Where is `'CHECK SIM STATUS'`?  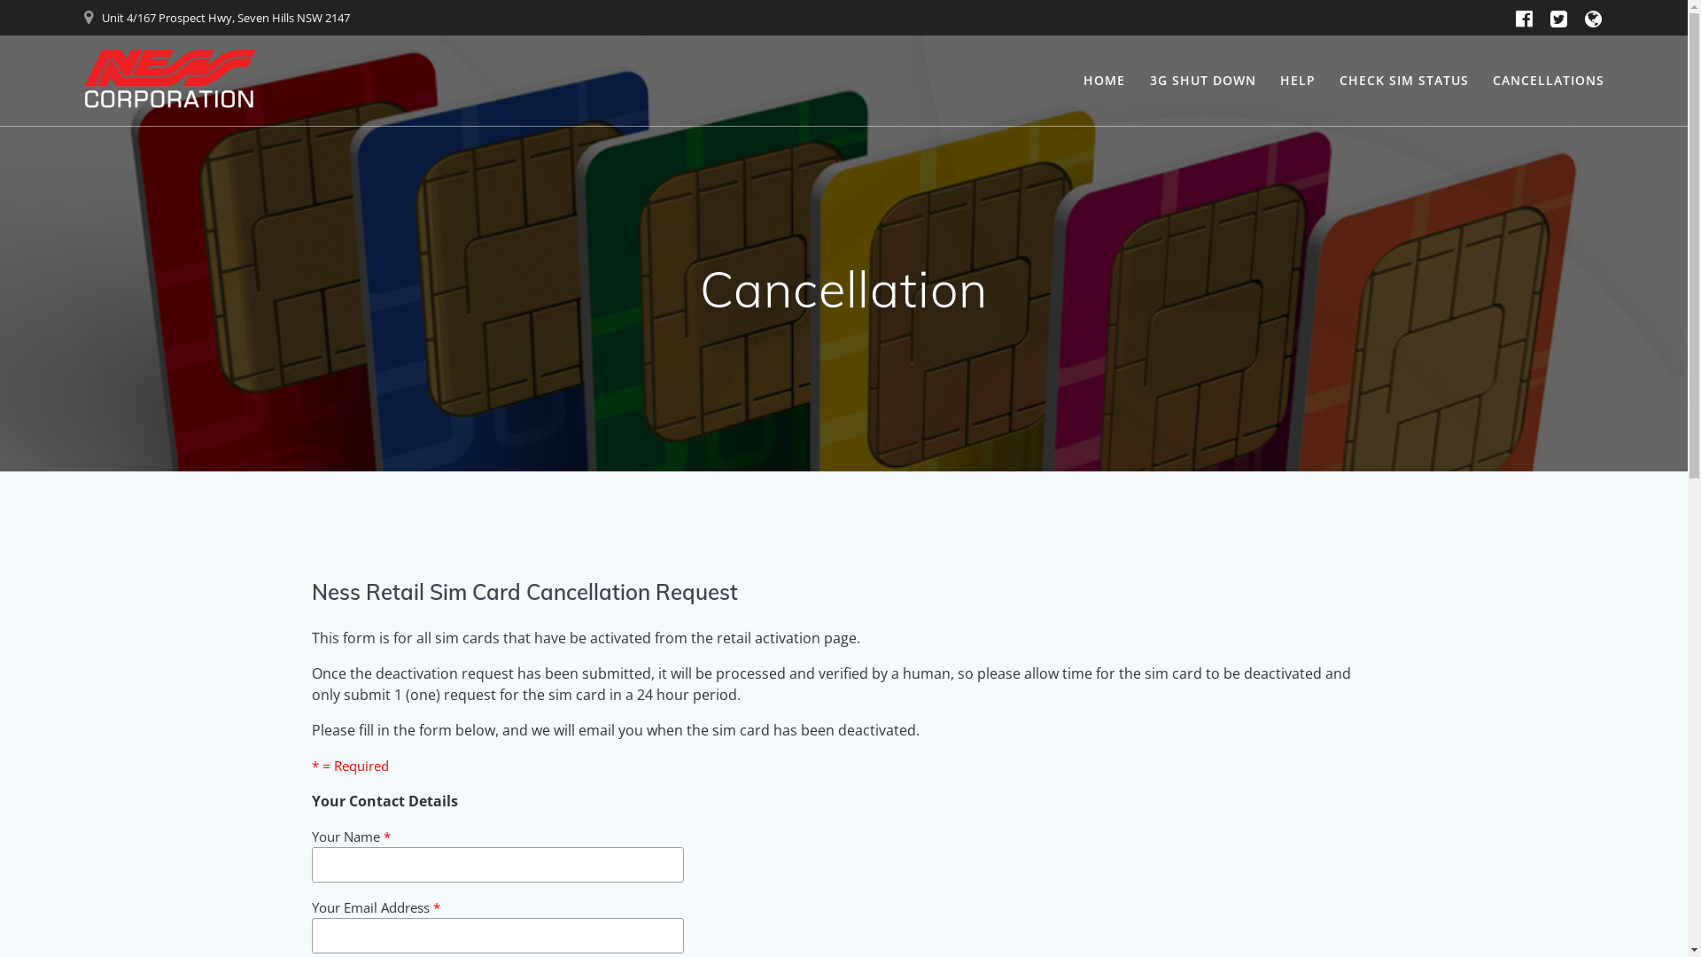
'CHECK SIM STATUS' is located at coordinates (1402, 81).